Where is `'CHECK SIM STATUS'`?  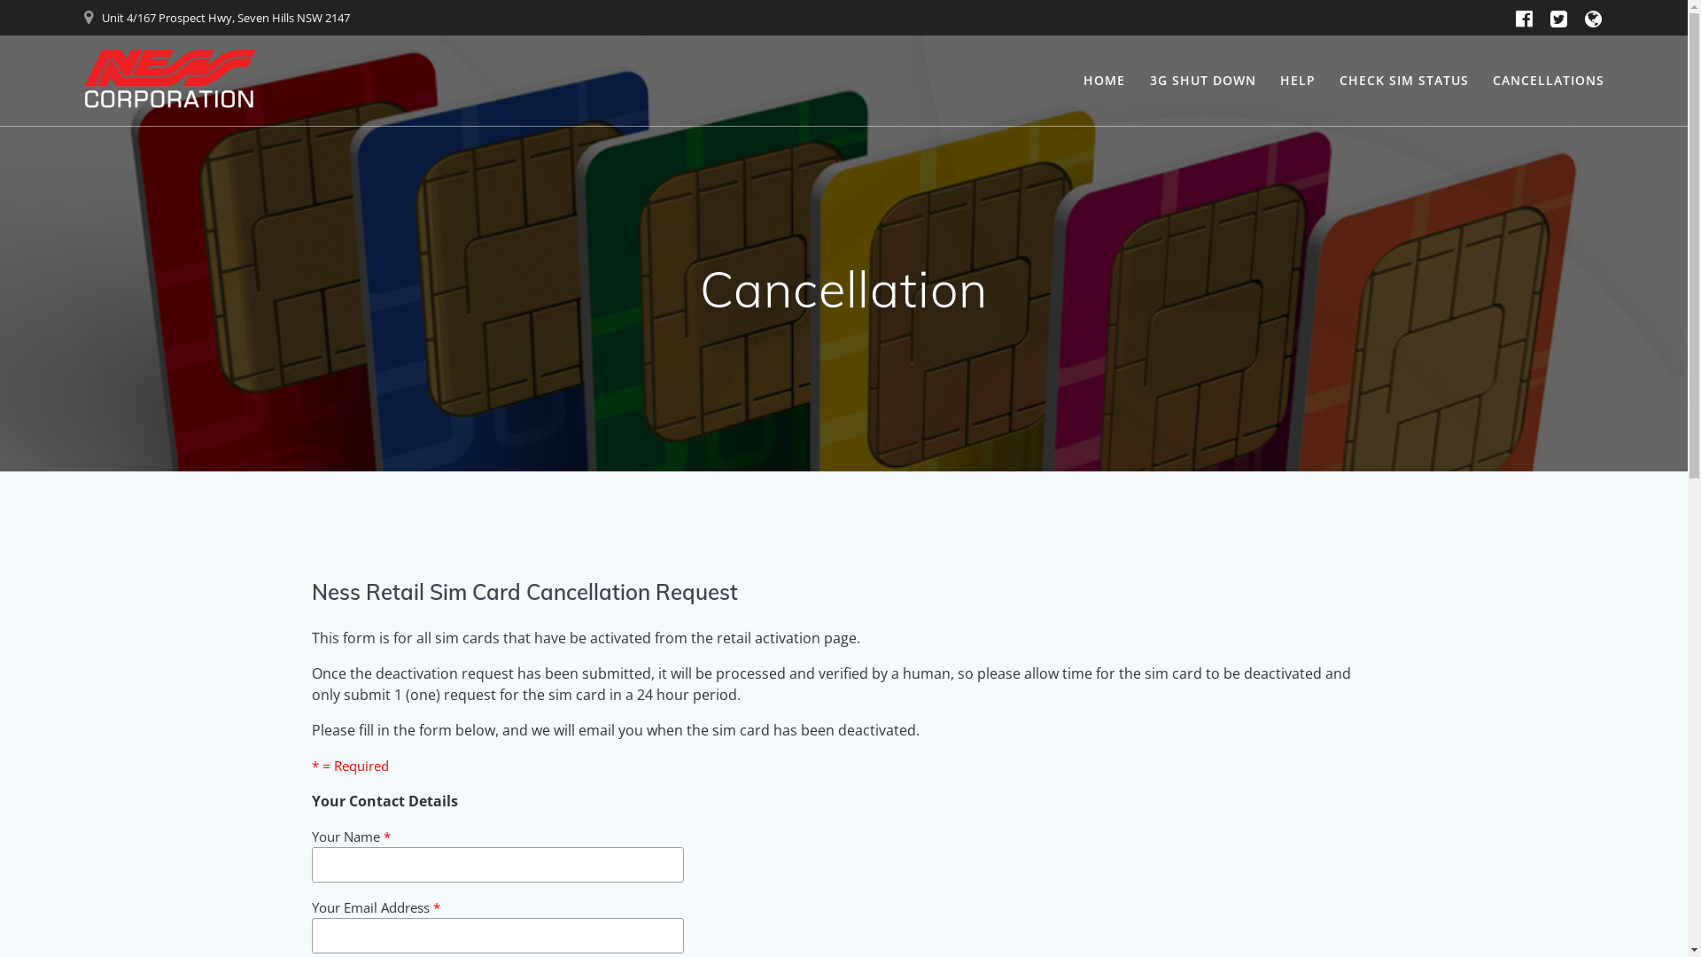
'CHECK SIM STATUS' is located at coordinates (1402, 81).